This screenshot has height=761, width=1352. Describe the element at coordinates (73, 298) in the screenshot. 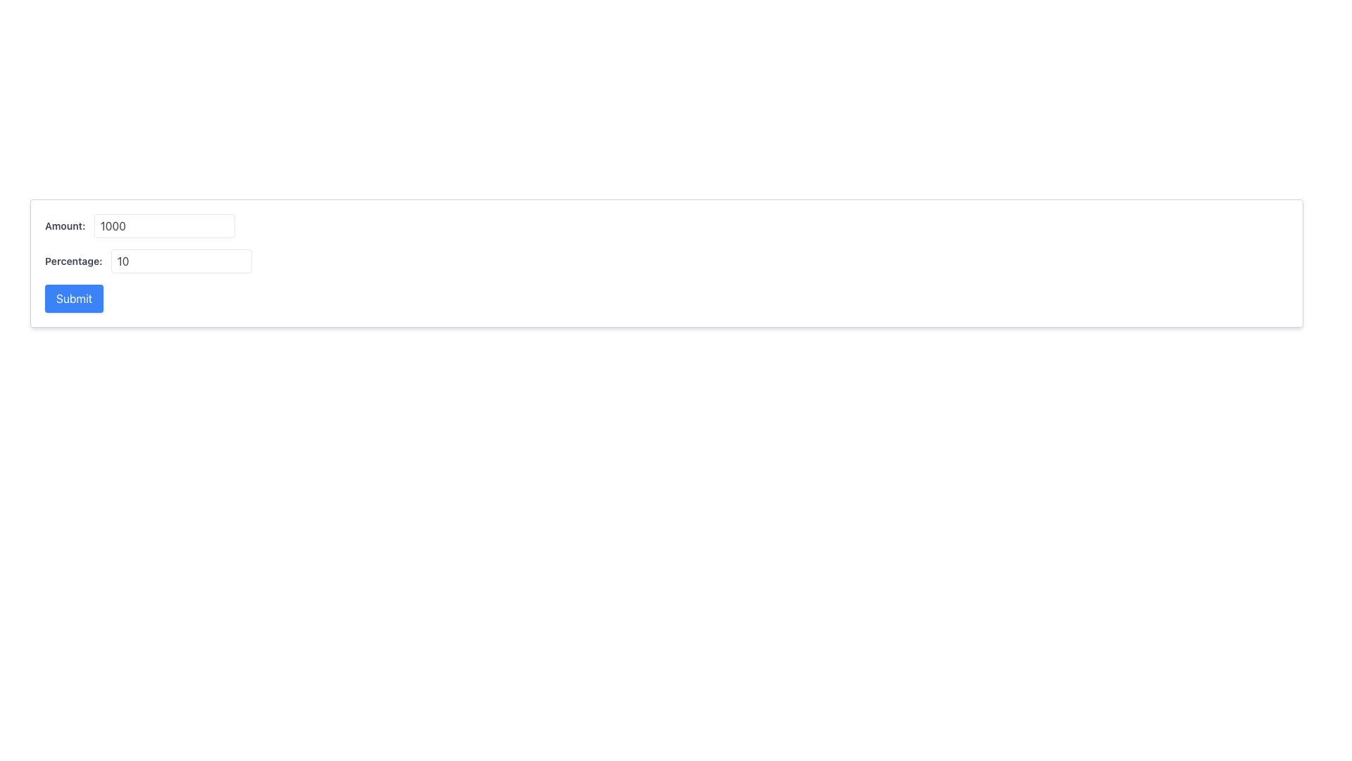

I see `the 'Submit' button located at the bottom left of the interface, which has a blue background and white text` at that location.